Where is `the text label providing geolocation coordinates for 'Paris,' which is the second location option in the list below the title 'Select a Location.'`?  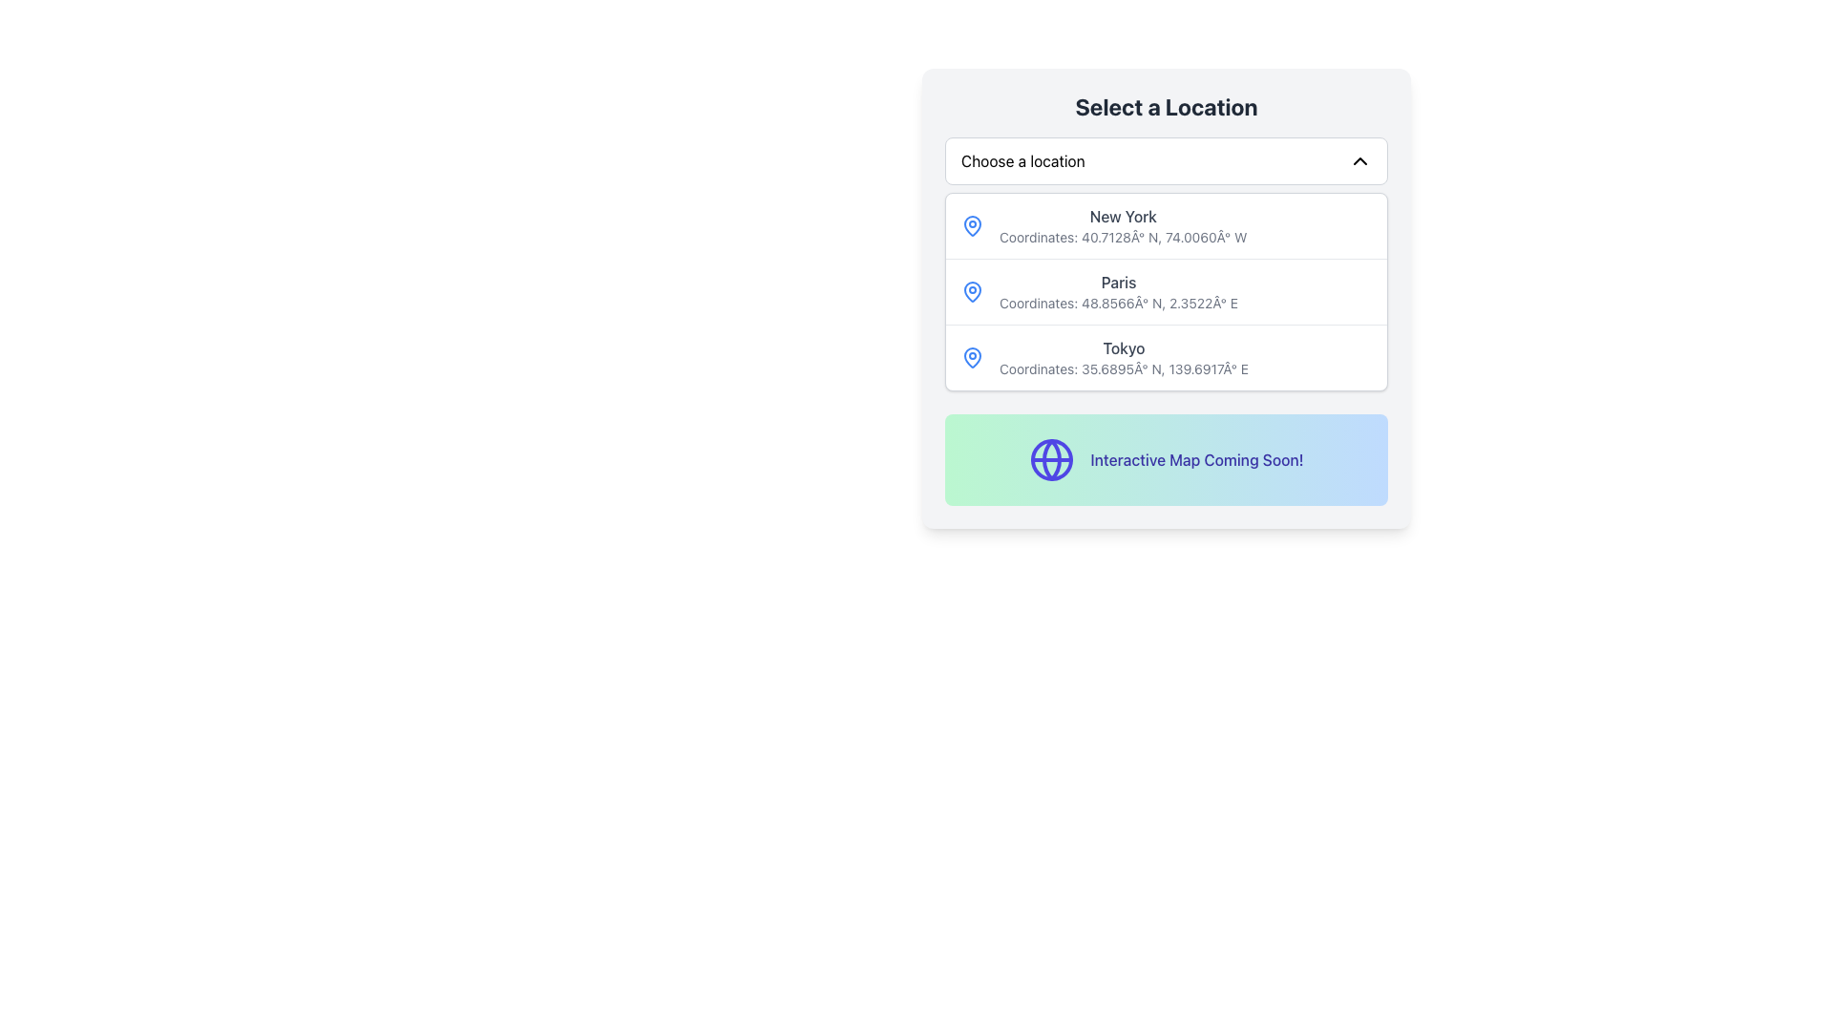 the text label providing geolocation coordinates for 'Paris,' which is the second location option in the list below the title 'Select a Location.' is located at coordinates (1118, 302).